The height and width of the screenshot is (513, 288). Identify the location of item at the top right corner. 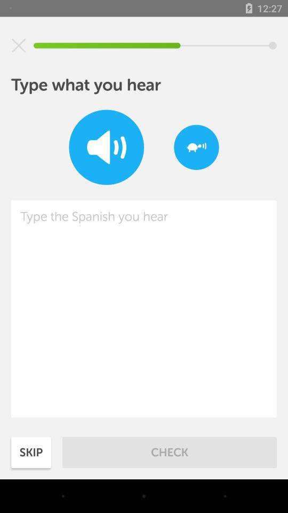
(196, 146).